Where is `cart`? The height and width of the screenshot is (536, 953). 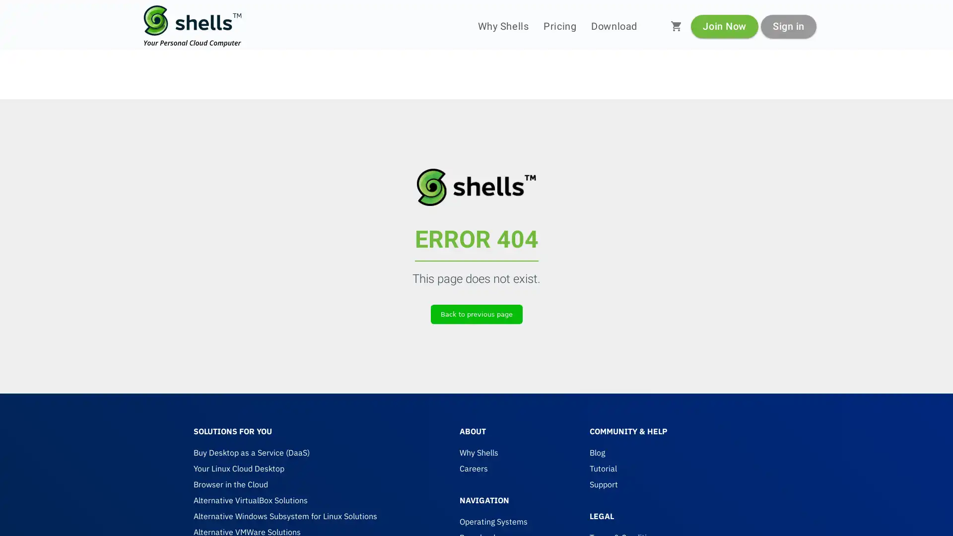
cart is located at coordinates (676, 26).